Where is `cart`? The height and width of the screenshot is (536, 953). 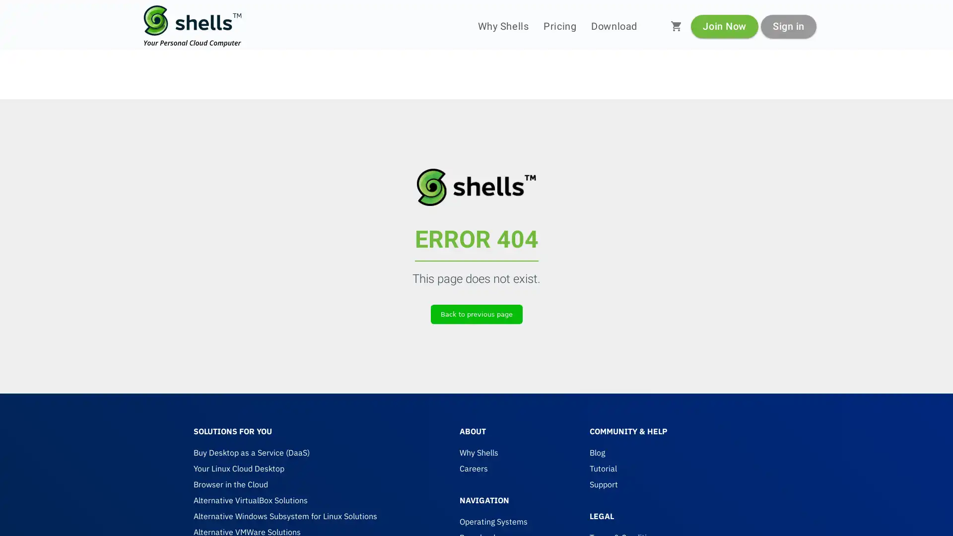
cart is located at coordinates (676, 26).